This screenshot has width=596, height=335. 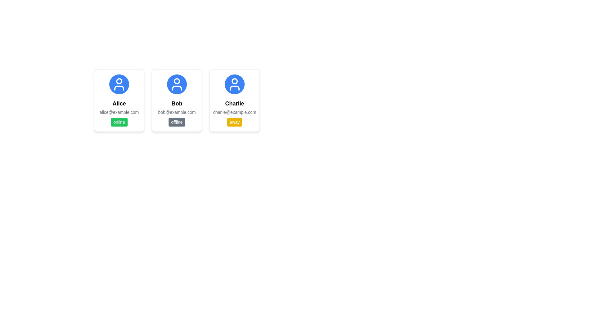 What do you see at coordinates (234, 103) in the screenshot?
I see `the Text Label displaying 'Charlie' in bold font within the third user profile card, located below the avatar and above the email address` at bounding box center [234, 103].